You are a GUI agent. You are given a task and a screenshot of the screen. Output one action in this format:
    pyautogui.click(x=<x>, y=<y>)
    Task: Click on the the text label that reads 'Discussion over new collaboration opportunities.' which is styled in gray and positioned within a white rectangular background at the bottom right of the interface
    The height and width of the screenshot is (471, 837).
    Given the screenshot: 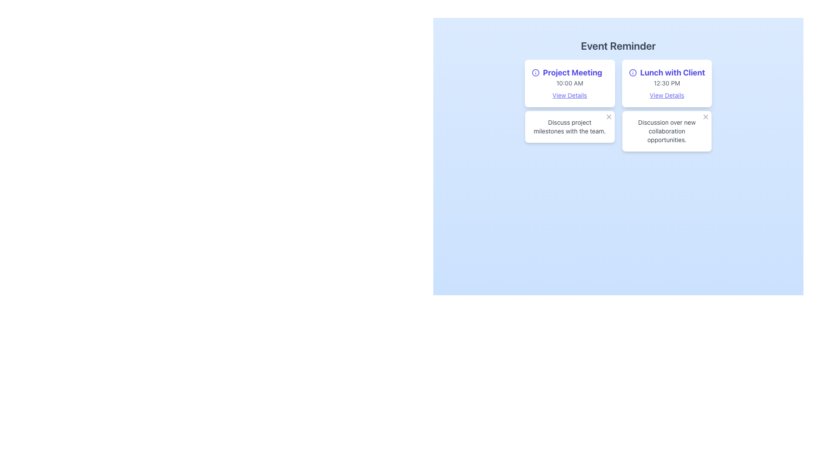 What is the action you would take?
    pyautogui.click(x=667, y=131)
    